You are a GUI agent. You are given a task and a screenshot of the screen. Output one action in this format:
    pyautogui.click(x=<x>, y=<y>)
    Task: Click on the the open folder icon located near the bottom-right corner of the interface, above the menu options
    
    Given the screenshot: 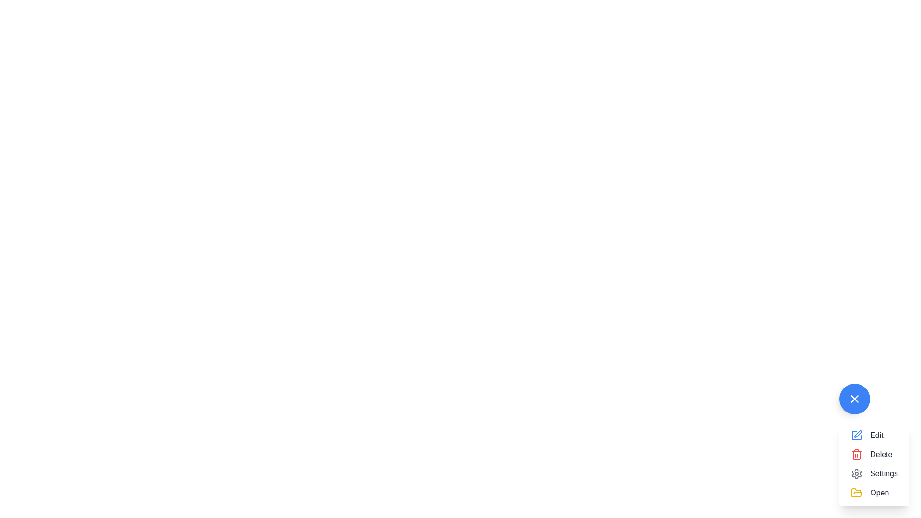 What is the action you would take?
    pyautogui.click(x=857, y=493)
    